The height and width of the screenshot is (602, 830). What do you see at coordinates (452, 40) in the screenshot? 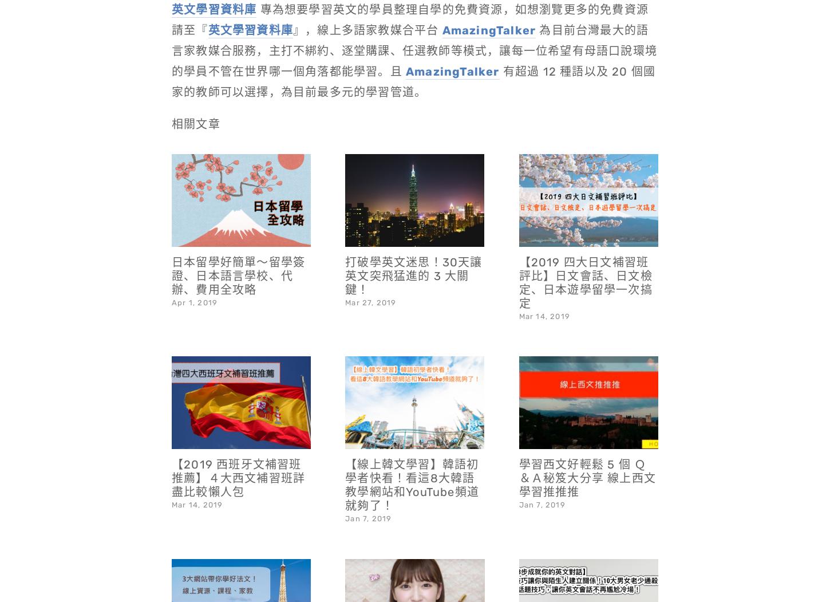
I see `'AmazingTalker'` at bounding box center [452, 40].